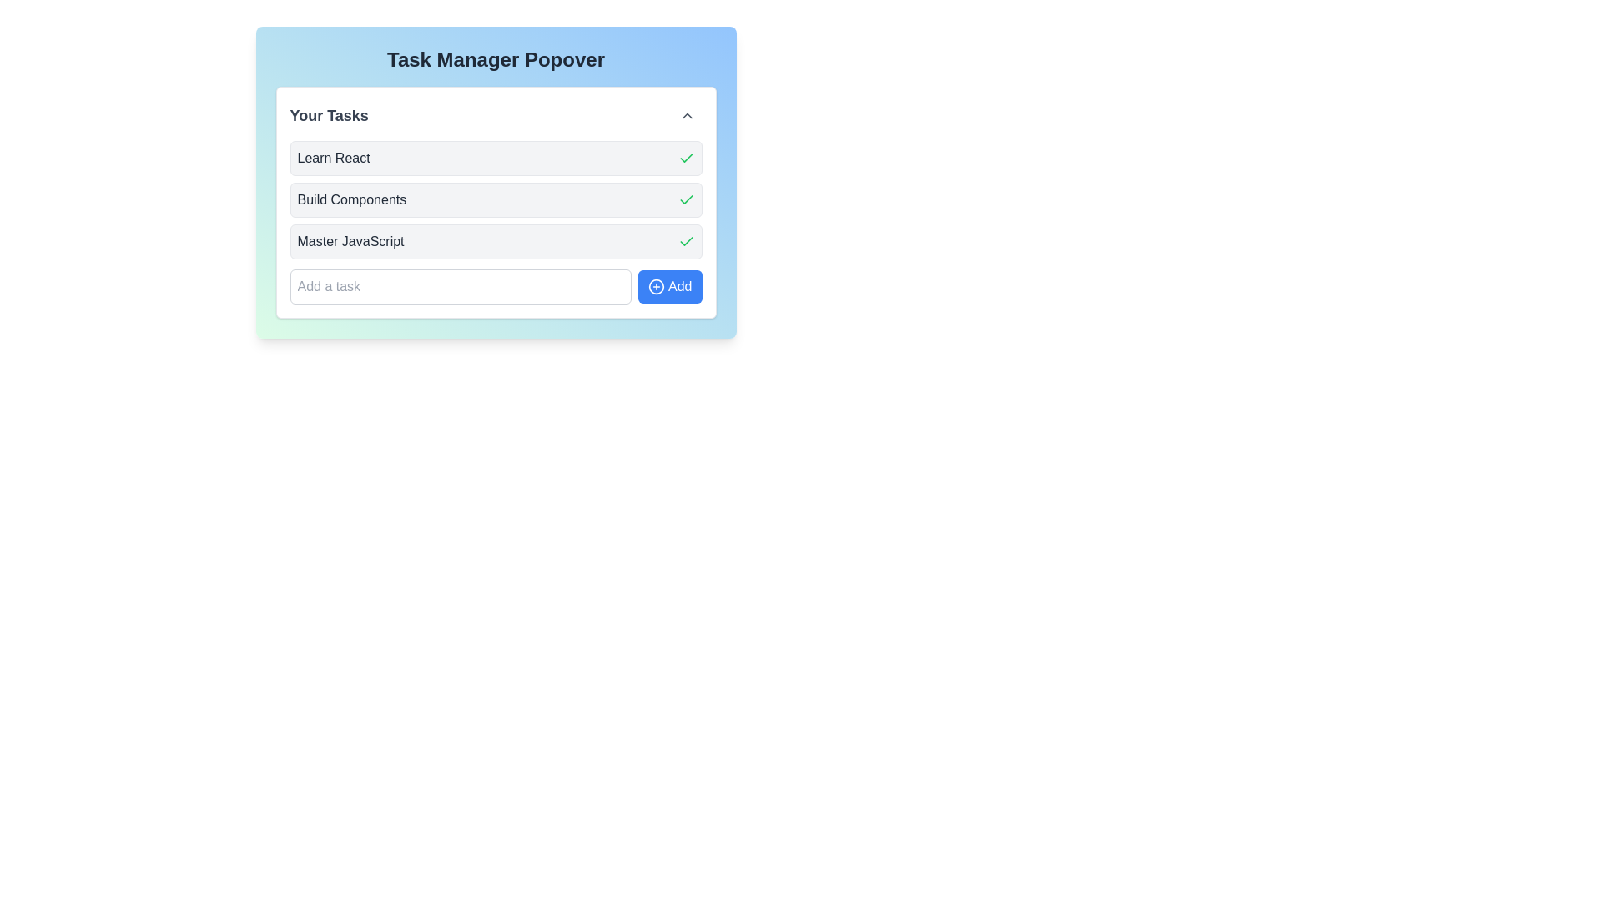  I want to click on the 'Add' text label within the interactive button, so click(680, 285).